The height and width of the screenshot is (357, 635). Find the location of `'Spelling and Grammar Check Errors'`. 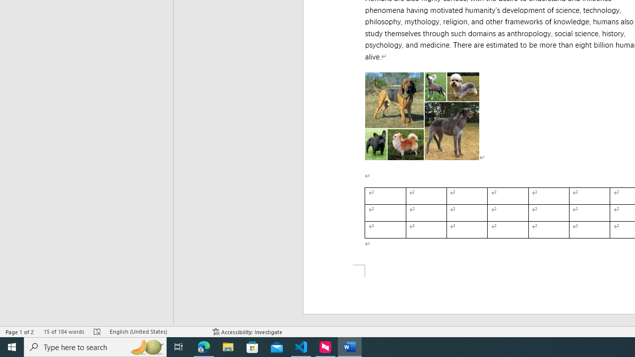

'Spelling and Grammar Check Errors' is located at coordinates (97, 332).